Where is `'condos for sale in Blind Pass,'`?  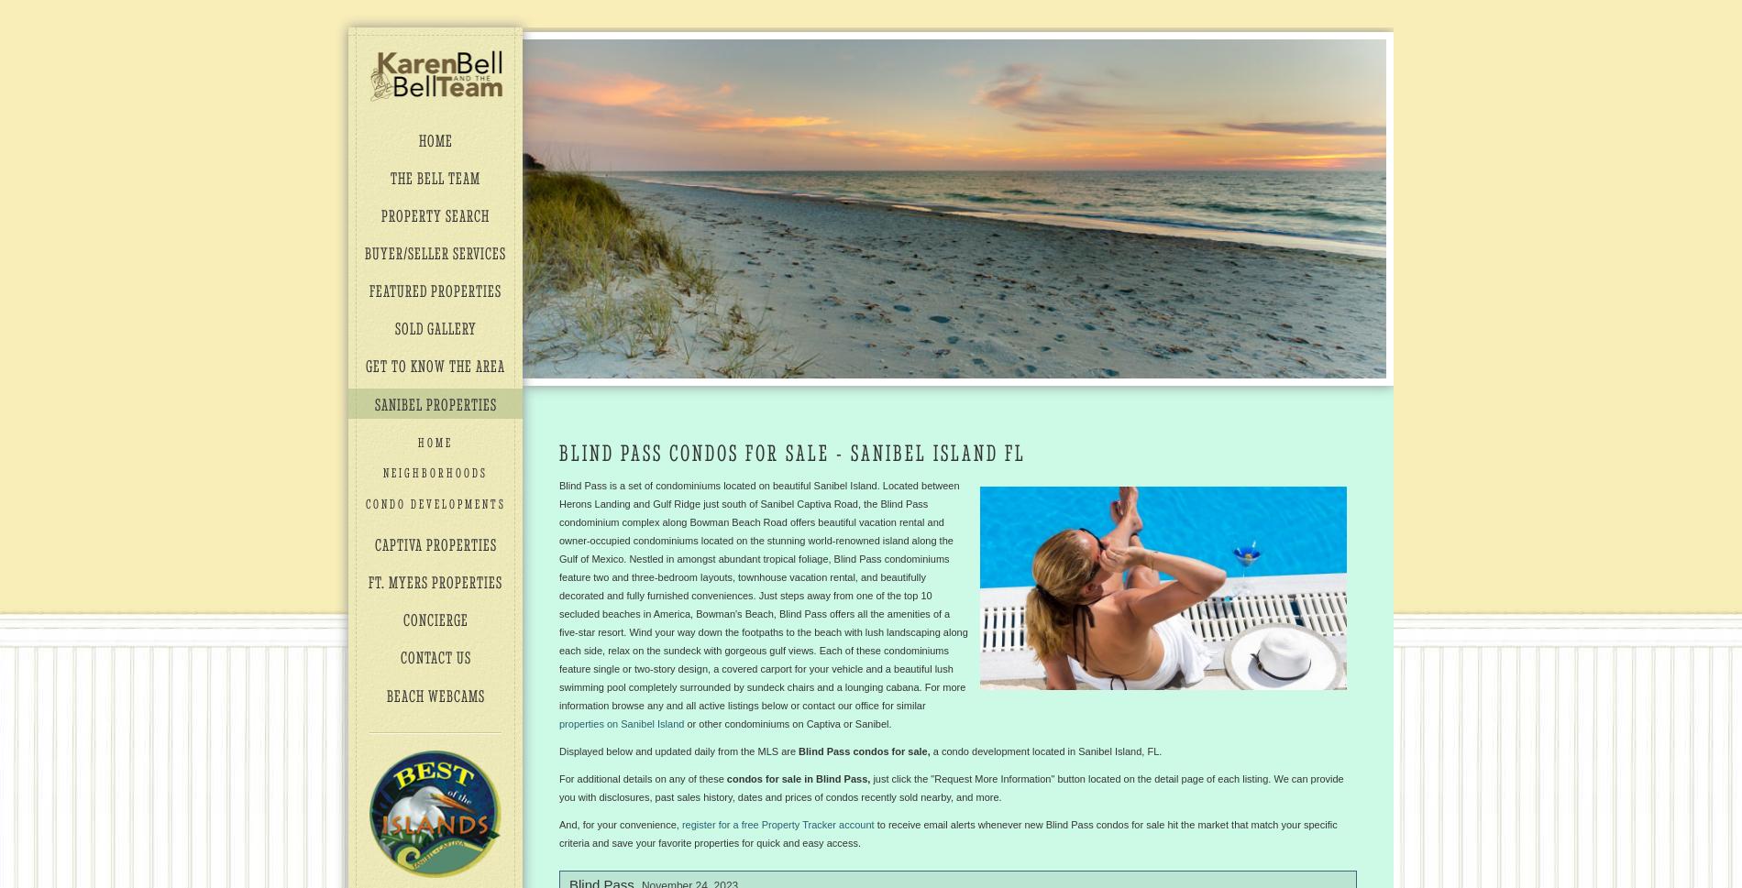
'condos for sale in Blind Pass,' is located at coordinates (796, 777).